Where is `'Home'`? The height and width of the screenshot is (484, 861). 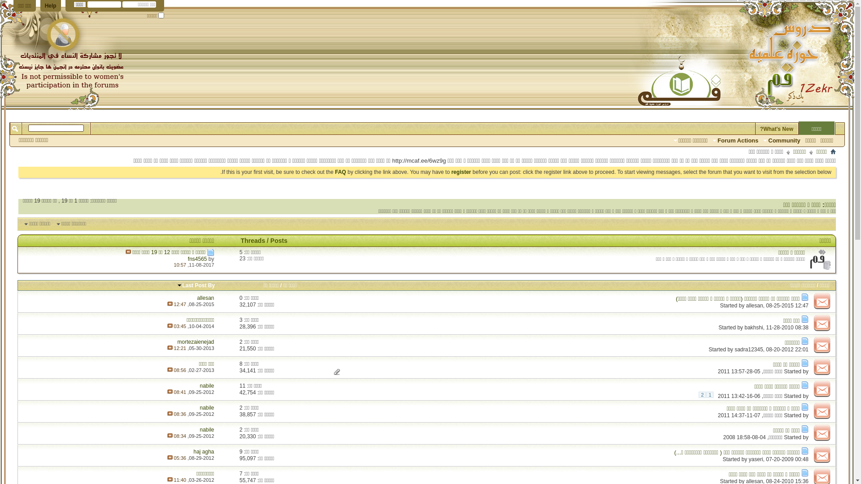 'Home' is located at coordinates (832, 151).